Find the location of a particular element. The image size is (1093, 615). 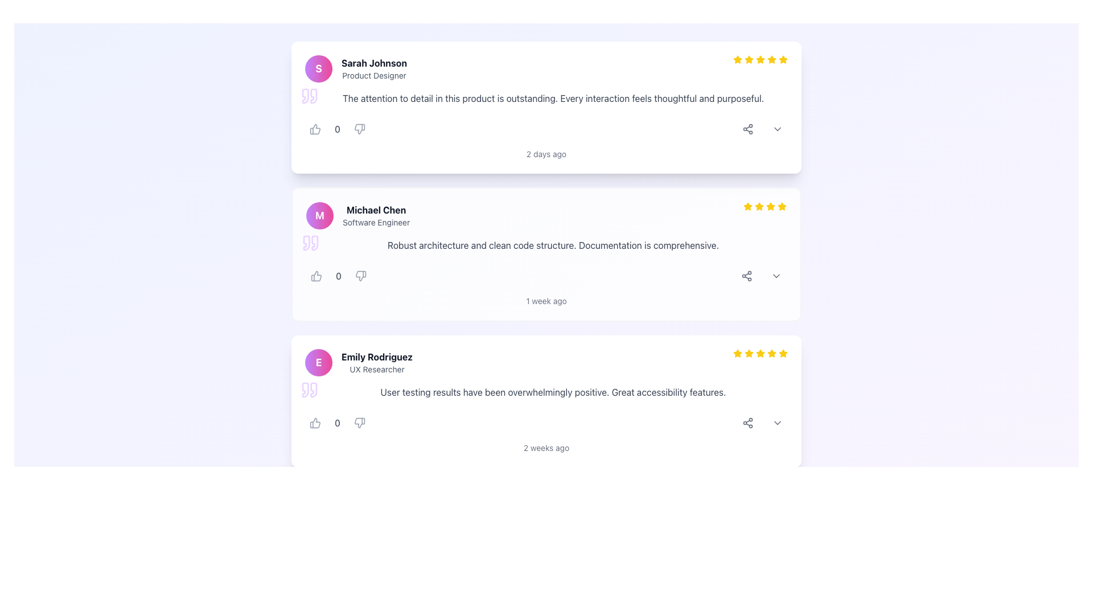

the avatar representing the user 'Michael Chen', which is the leftmost component in the user testimonial section is located at coordinates (319, 215).